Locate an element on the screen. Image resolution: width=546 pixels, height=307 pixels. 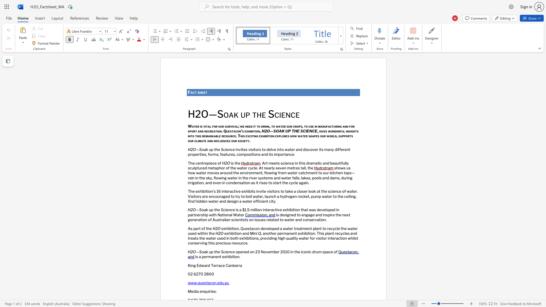
the subset text "f the" within the text "As part of the" is located at coordinates (204, 228).